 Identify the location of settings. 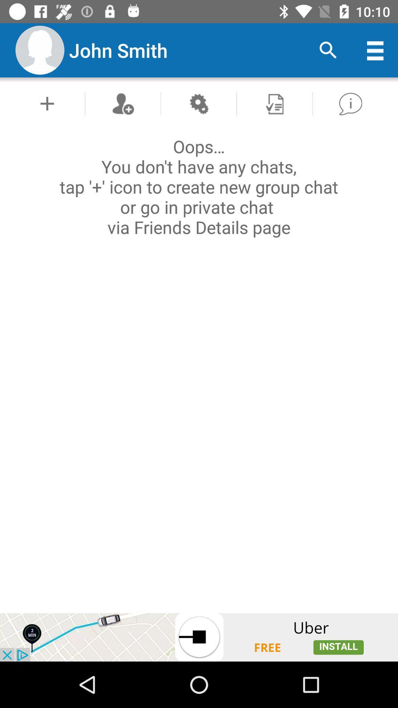
(198, 103).